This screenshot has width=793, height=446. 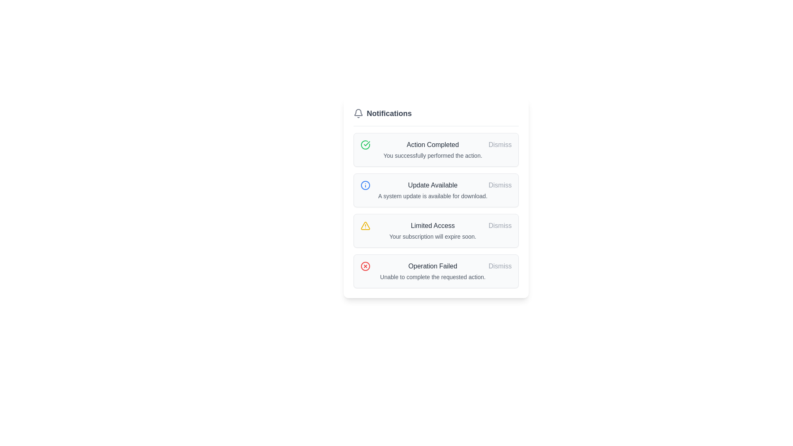 What do you see at coordinates (365, 145) in the screenshot?
I see `the status-indicating function of the green checkmark icon located within the 'Action Completed' notification card, which signifies task completion` at bounding box center [365, 145].